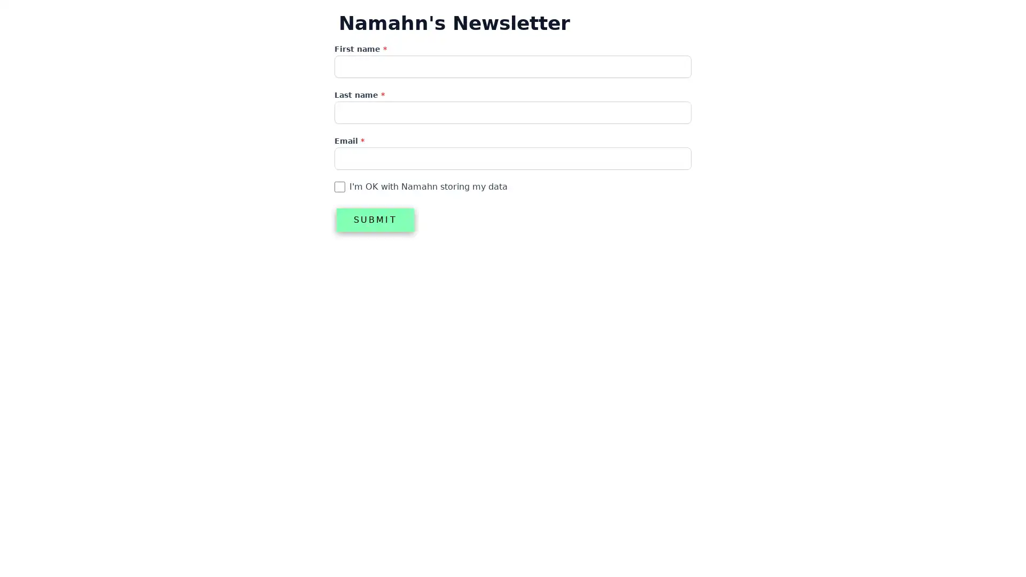 This screenshot has width=1026, height=577. Describe the element at coordinates (375, 220) in the screenshot. I see `SUBMIT` at that location.